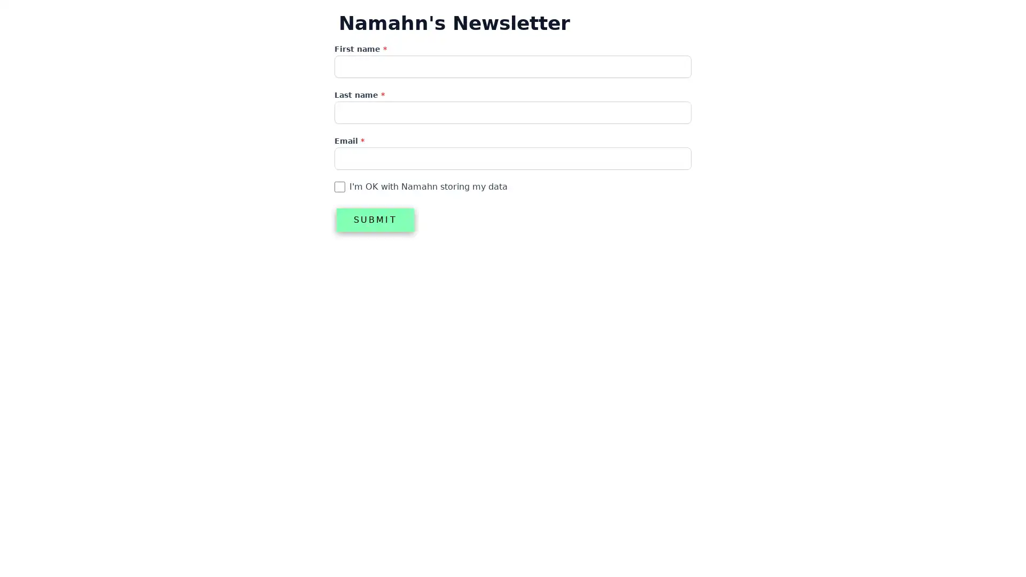 This screenshot has width=1026, height=577. Describe the element at coordinates (375, 220) in the screenshot. I see `SUBMIT` at that location.